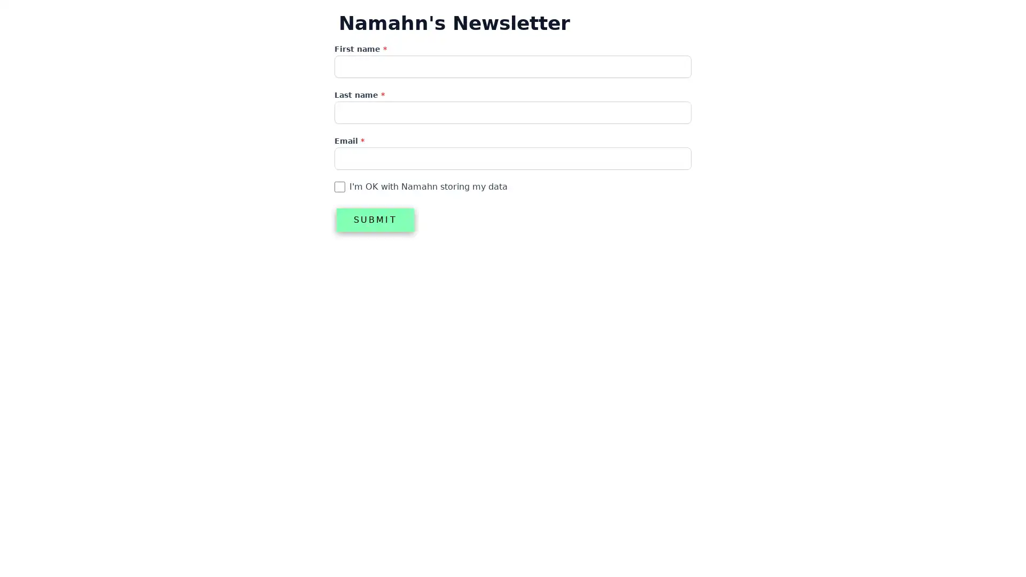 This screenshot has width=1026, height=577. Describe the element at coordinates (375, 220) in the screenshot. I see `SUBMIT` at that location.